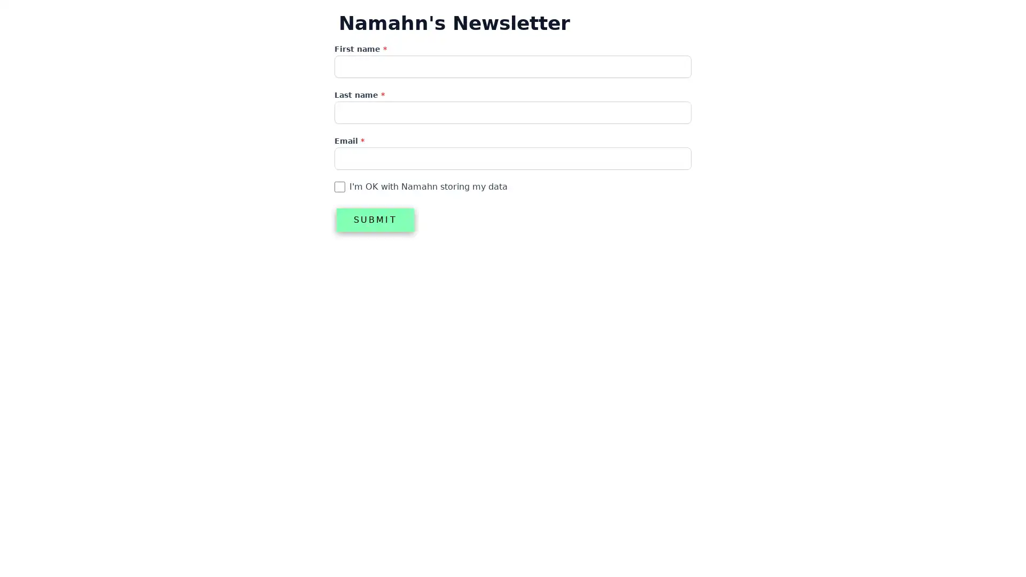 This screenshot has width=1026, height=577. Describe the element at coordinates (375, 220) in the screenshot. I see `SUBMIT` at that location.